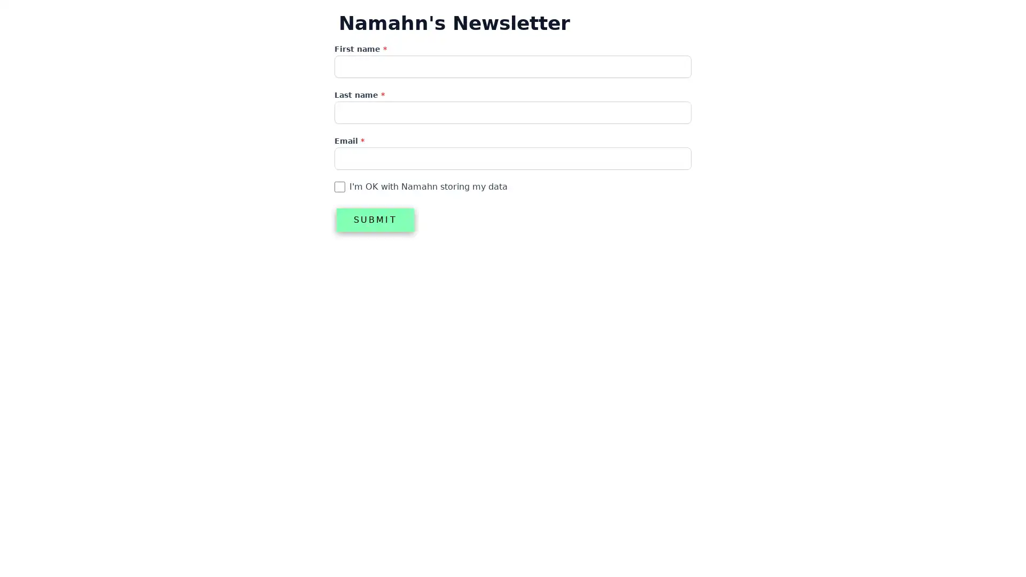 This screenshot has width=1026, height=577. Describe the element at coordinates (375, 220) in the screenshot. I see `SUBMIT` at that location.